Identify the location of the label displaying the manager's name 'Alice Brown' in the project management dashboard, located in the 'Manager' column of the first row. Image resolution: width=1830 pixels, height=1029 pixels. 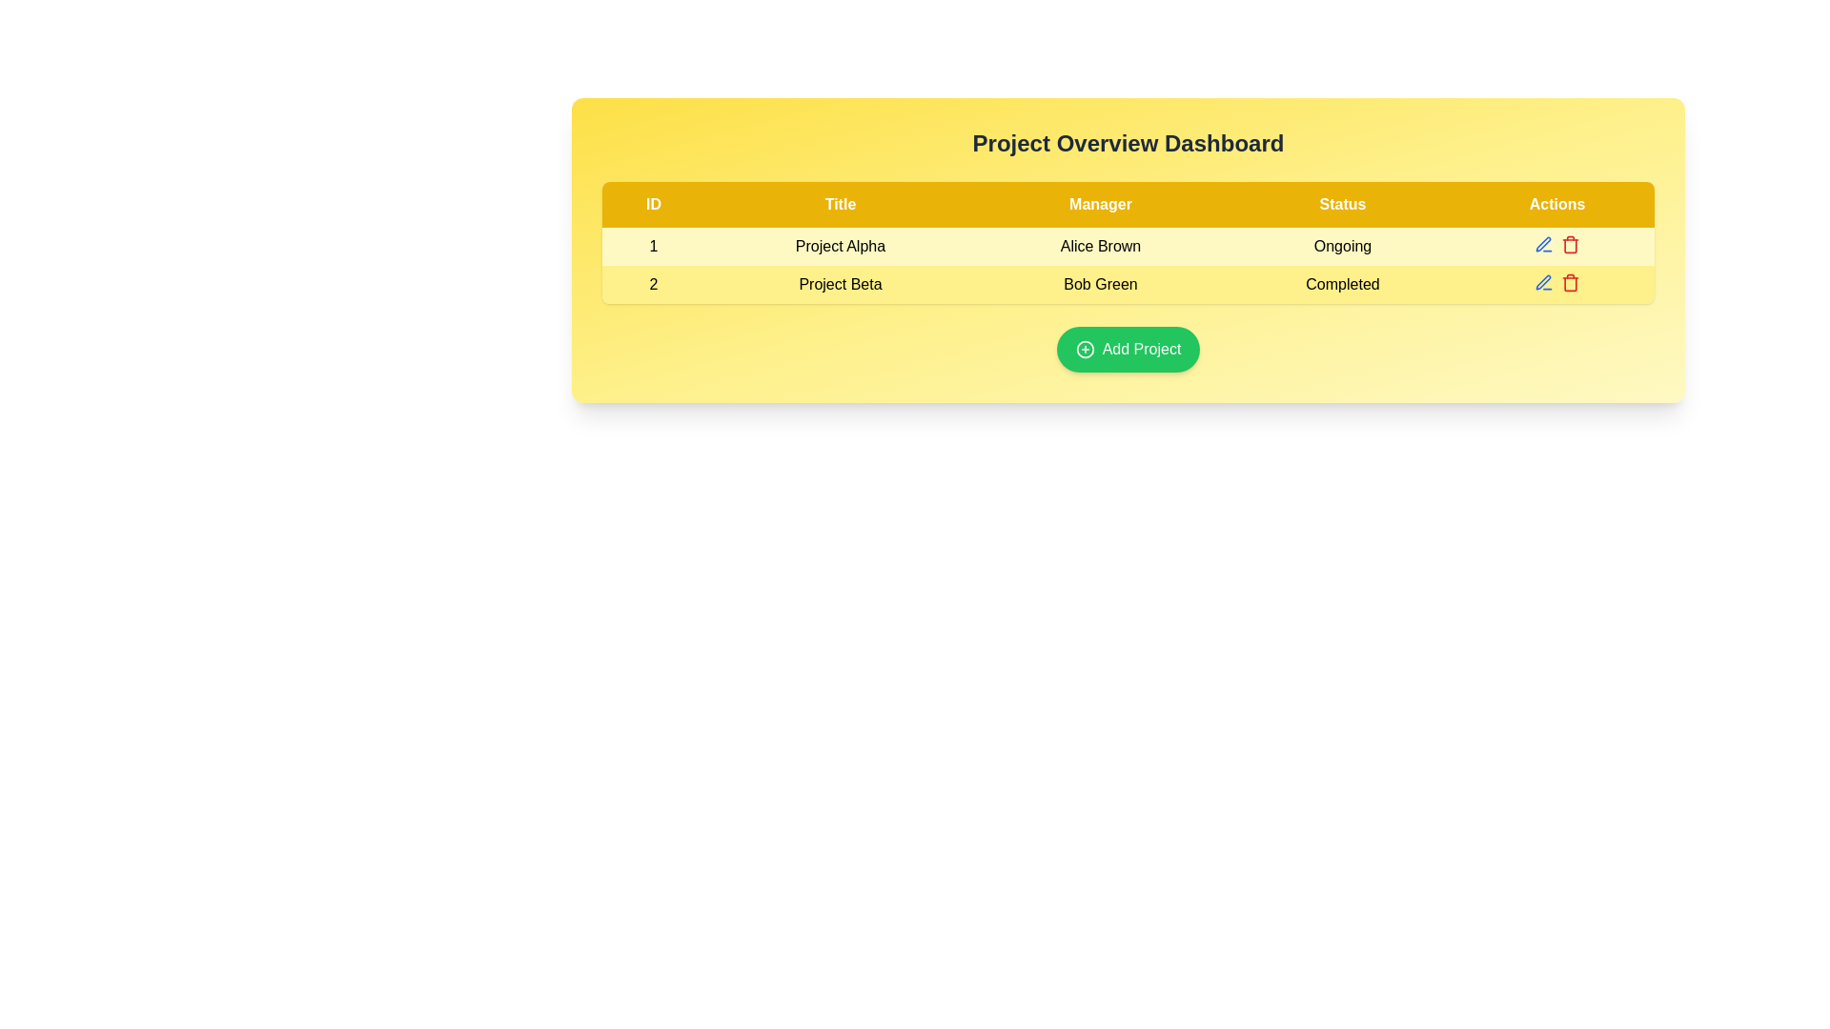
(1101, 245).